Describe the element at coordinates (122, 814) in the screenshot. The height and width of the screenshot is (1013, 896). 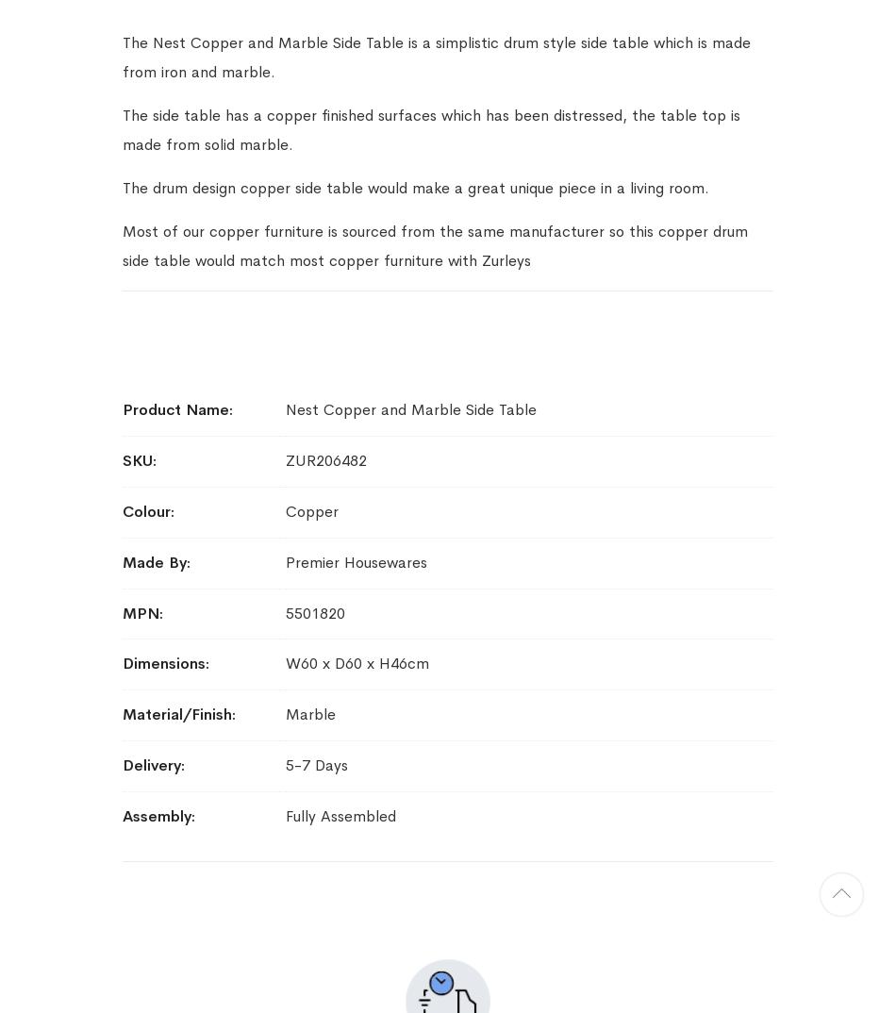
I see `'Assembly'` at that location.